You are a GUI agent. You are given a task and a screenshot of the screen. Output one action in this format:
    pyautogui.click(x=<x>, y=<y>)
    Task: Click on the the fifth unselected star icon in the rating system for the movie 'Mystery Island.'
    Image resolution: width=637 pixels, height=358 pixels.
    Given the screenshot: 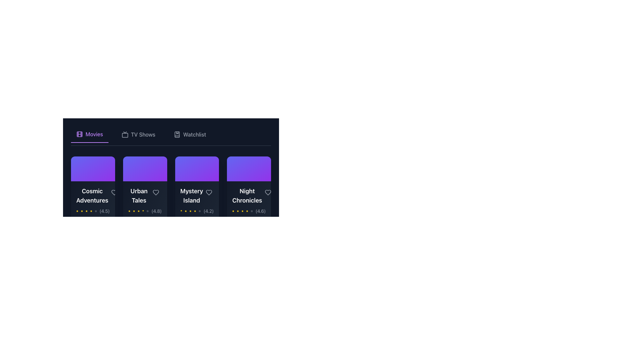 What is the action you would take?
    pyautogui.click(x=199, y=211)
    